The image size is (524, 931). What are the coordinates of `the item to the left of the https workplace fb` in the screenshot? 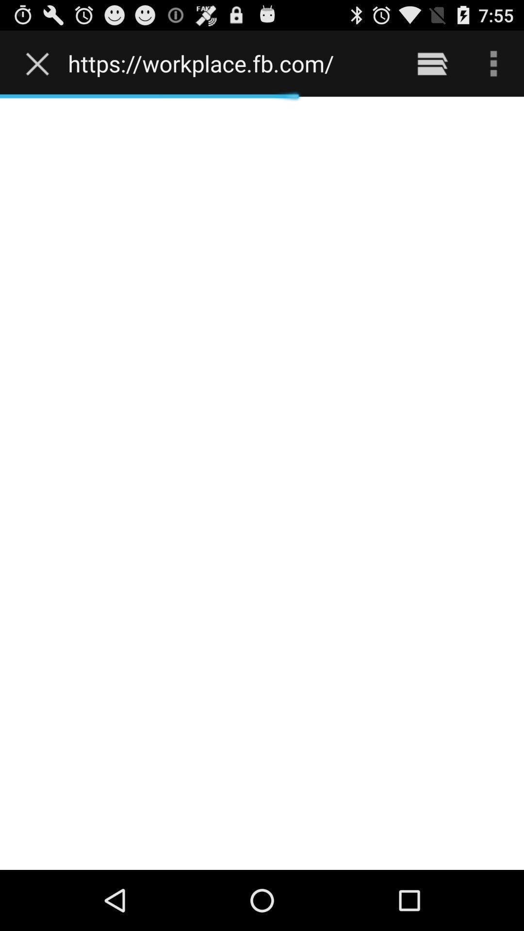 It's located at (39, 63).